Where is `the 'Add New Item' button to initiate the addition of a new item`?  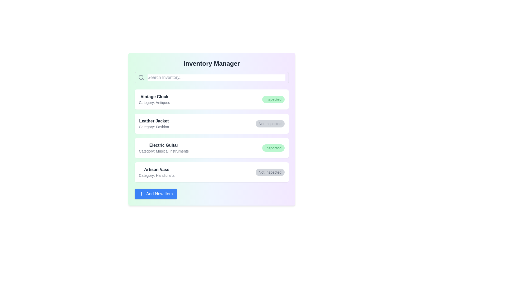
the 'Add New Item' button to initiate the addition of a new item is located at coordinates (155, 194).